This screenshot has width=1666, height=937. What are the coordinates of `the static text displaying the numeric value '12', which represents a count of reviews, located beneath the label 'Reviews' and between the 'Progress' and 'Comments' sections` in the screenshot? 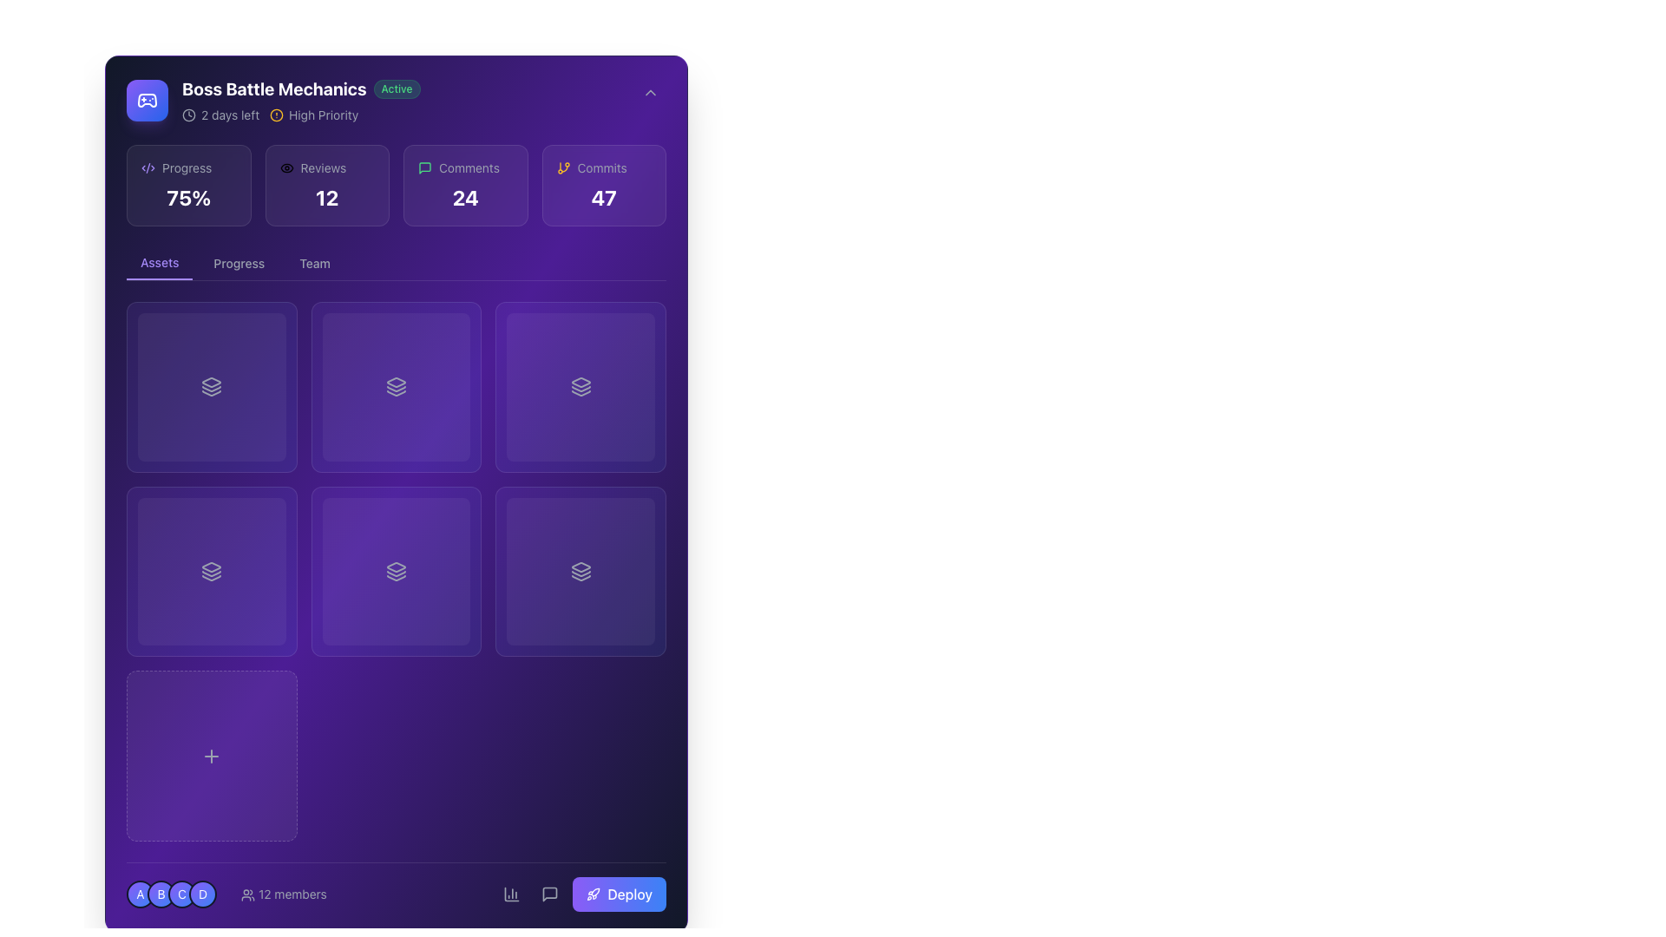 It's located at (327, 196).